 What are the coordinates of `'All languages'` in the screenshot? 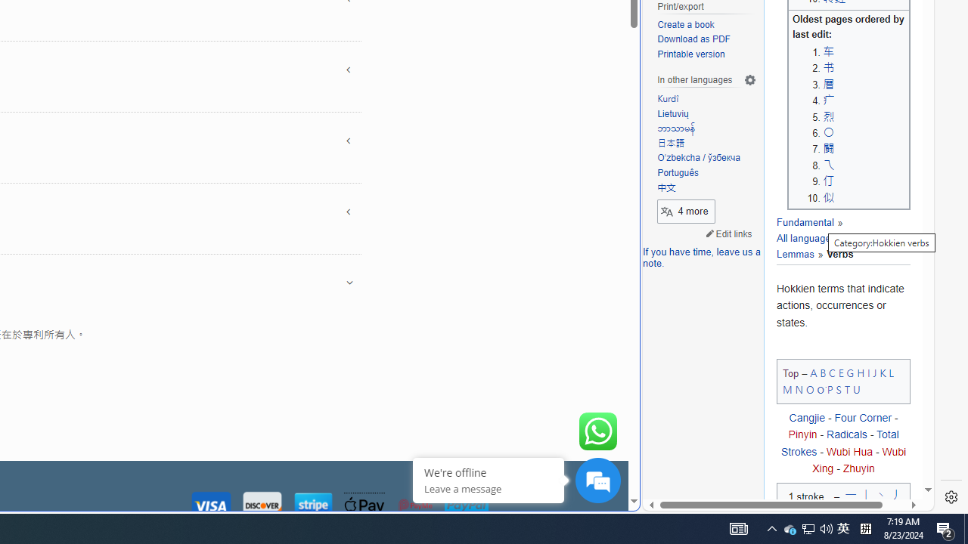 It's located at (805, 238).